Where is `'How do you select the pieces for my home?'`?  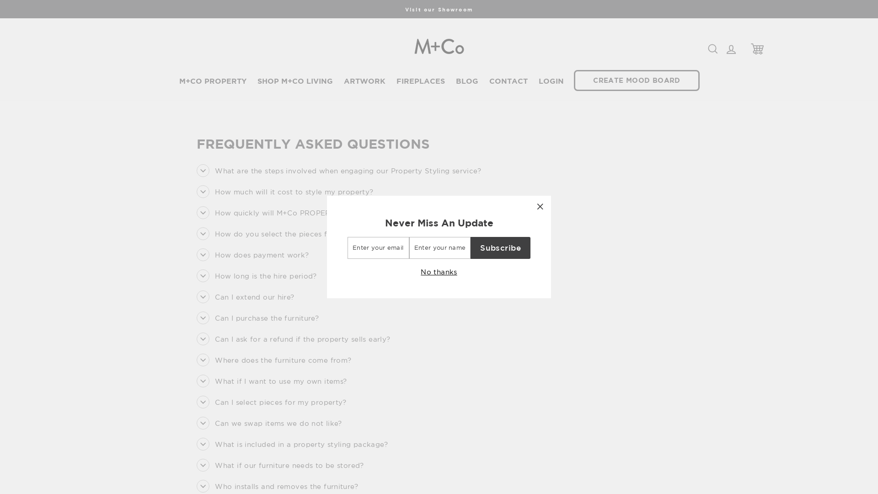
'How do you select the pieces for my home?' is located at coordinates (284, 233).